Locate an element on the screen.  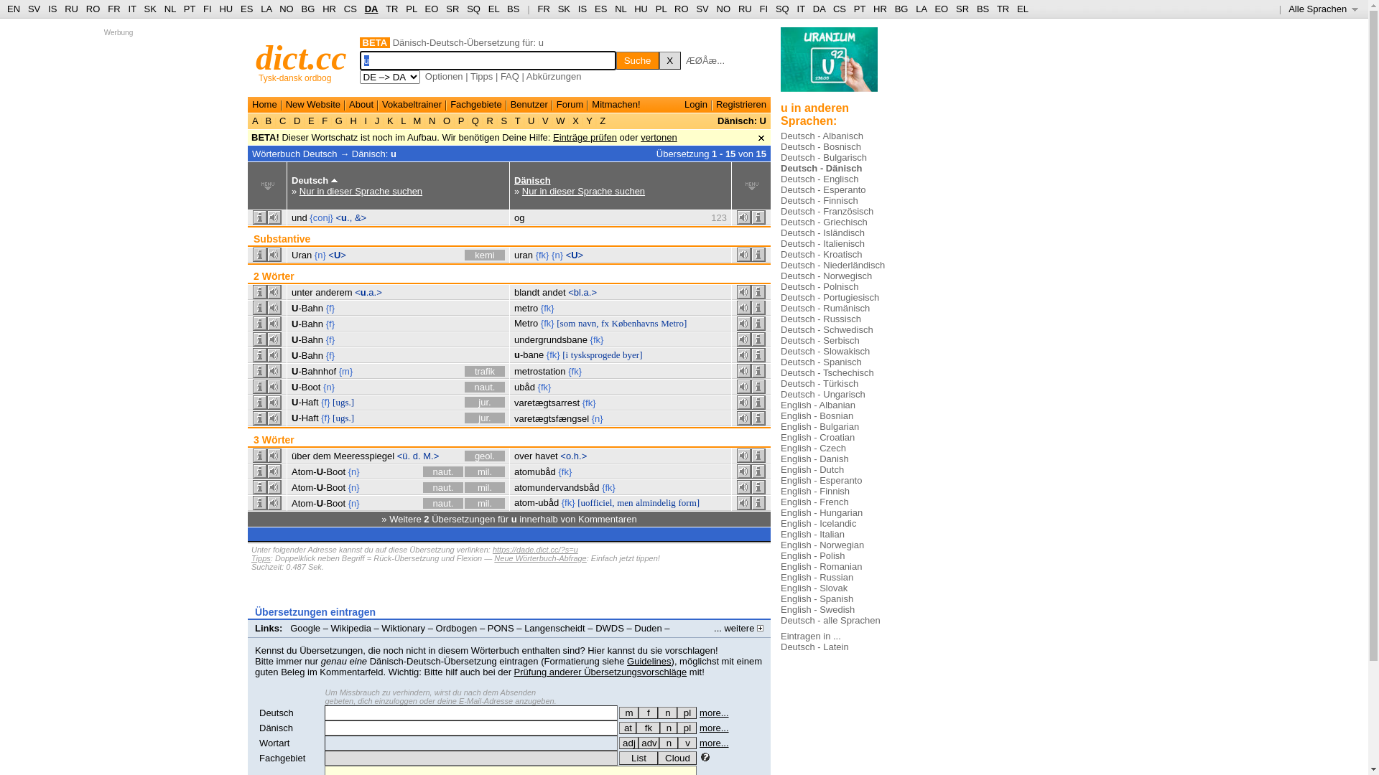
'SK' is located at coordinates (563, 9).